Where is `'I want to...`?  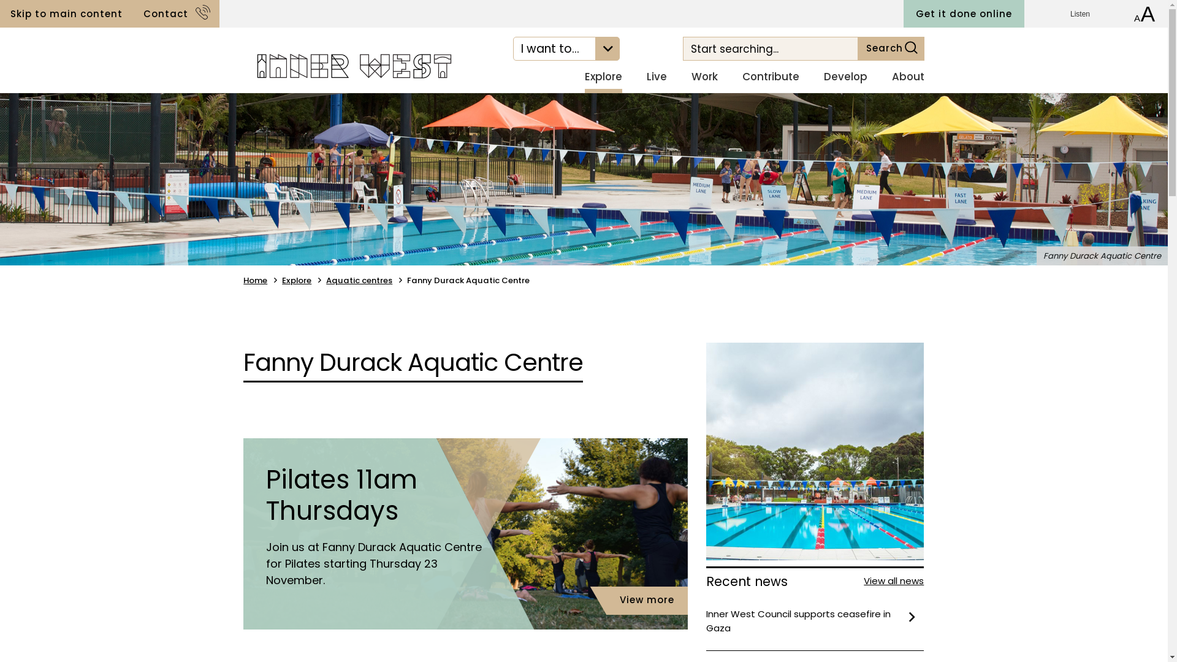 'I want to... is located at coordinates (566, 48).